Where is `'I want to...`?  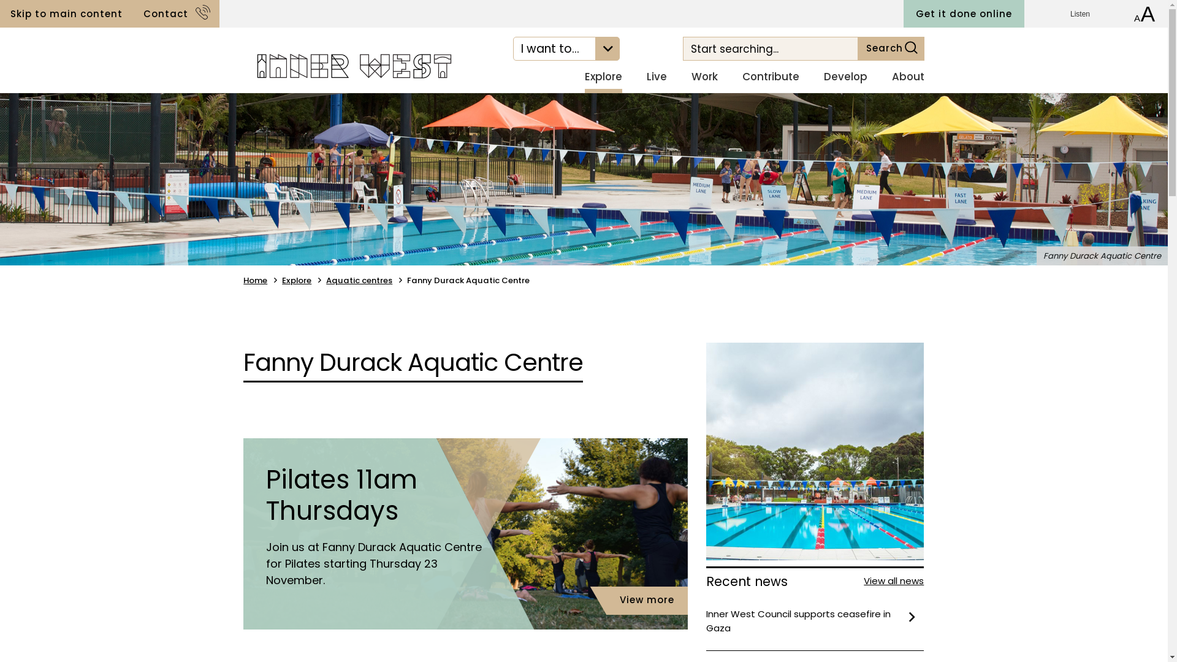 'I want to... is located at coordinates (566, 48).